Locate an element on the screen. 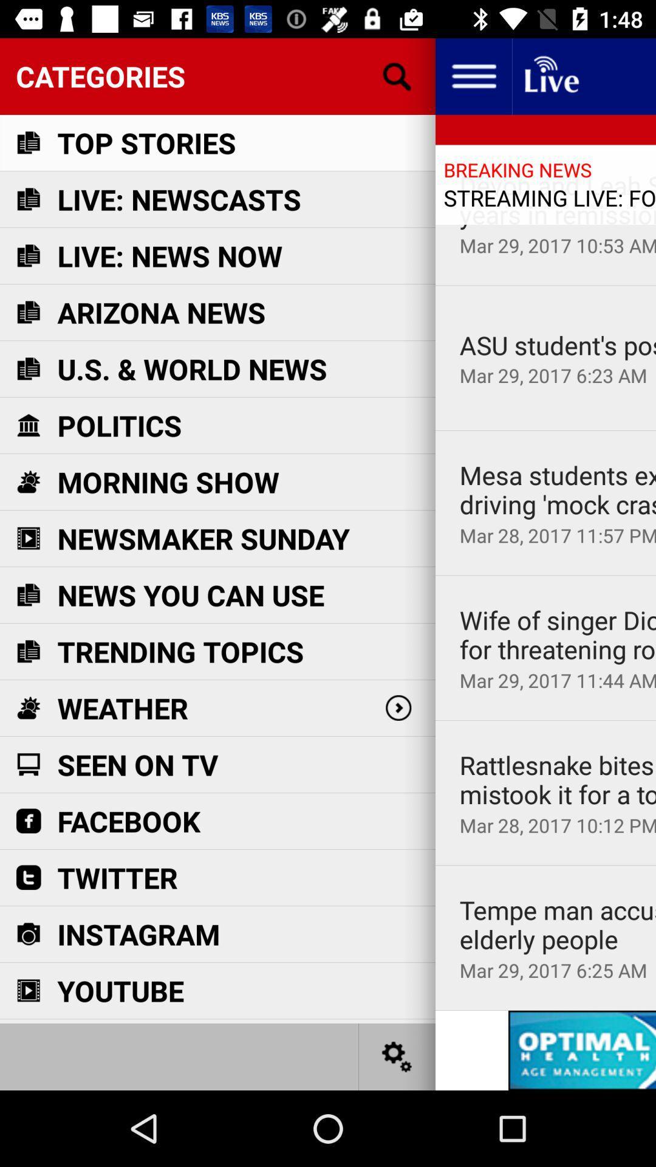 This screenshot has width=656, height=1167. the menu icon is located at coordinates (473, 75).